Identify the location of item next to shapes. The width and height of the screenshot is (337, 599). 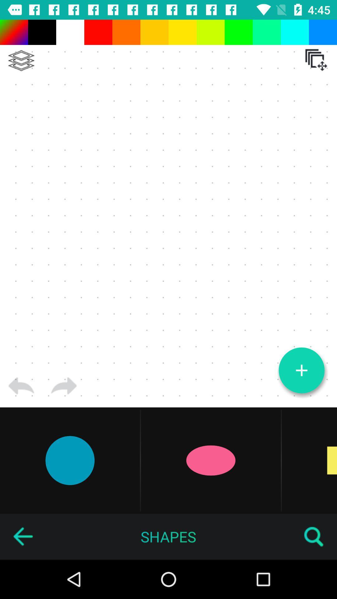
(314, 536).